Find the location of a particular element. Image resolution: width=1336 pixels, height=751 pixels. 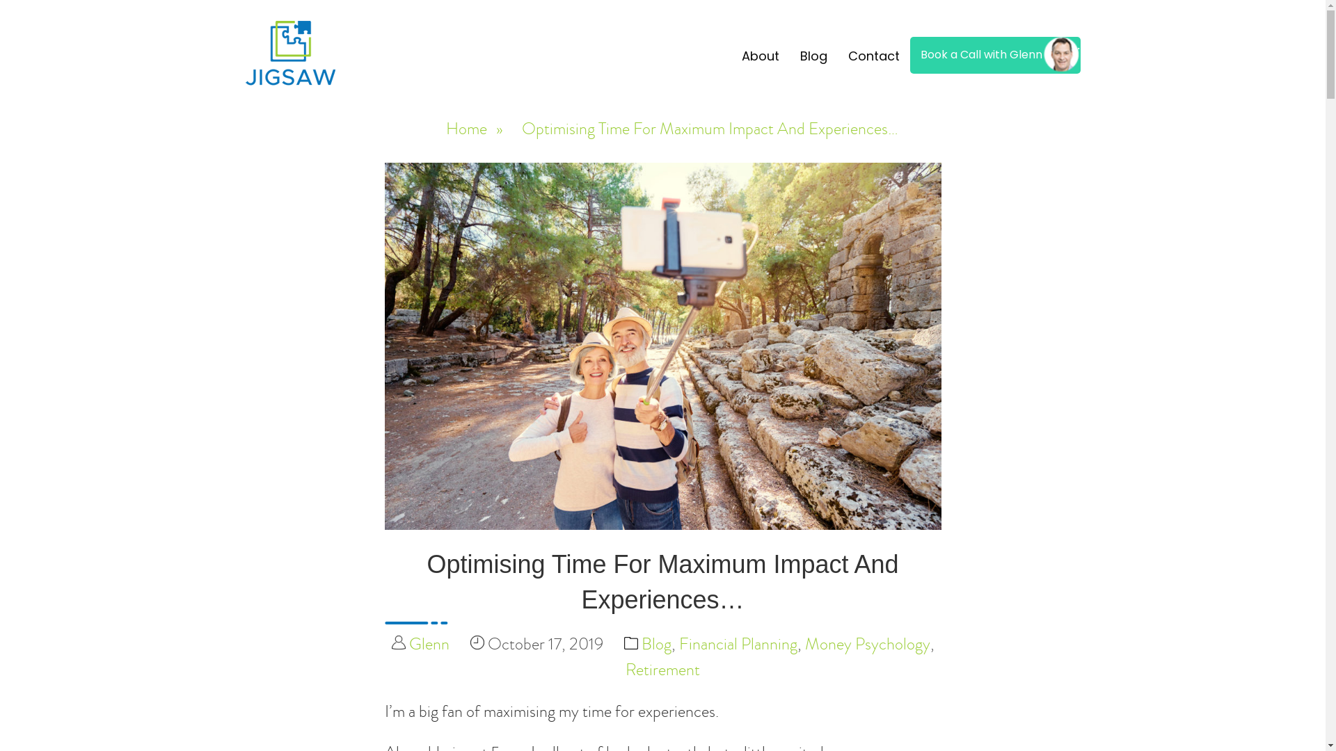

'About' is located at coordinates (758, 55).